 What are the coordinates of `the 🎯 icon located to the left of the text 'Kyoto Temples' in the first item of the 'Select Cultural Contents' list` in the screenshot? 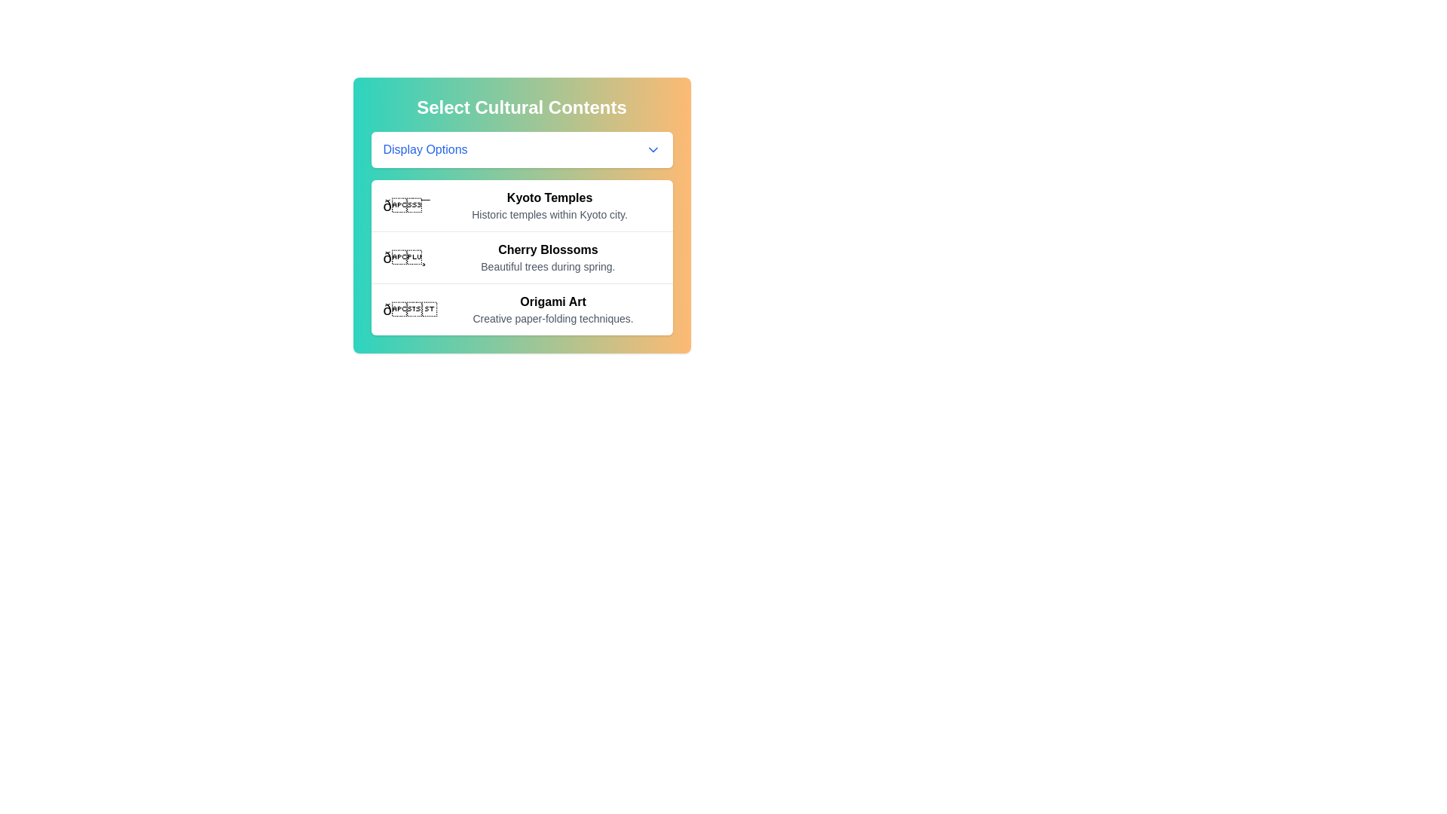 It's located at (406, 206).